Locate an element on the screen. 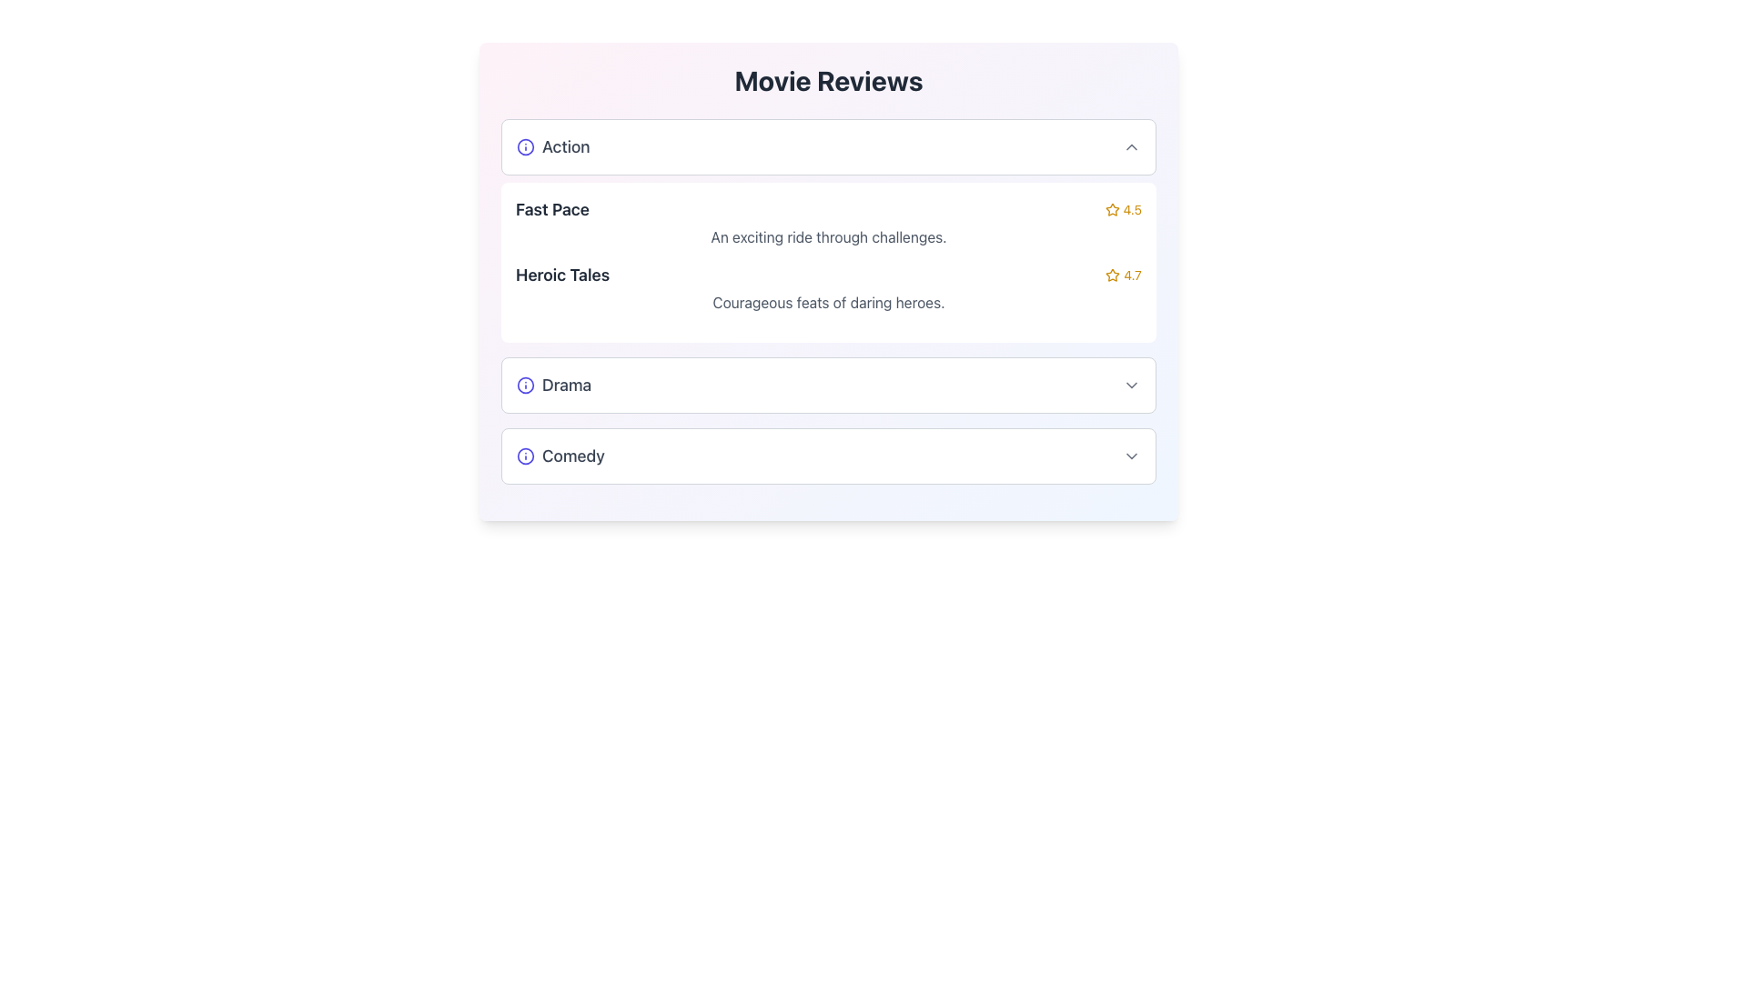 Image resolution: width=1747 pixels, height=982 pixels. the text label displaying 'Comedy' is located at coordinates (560, 455).